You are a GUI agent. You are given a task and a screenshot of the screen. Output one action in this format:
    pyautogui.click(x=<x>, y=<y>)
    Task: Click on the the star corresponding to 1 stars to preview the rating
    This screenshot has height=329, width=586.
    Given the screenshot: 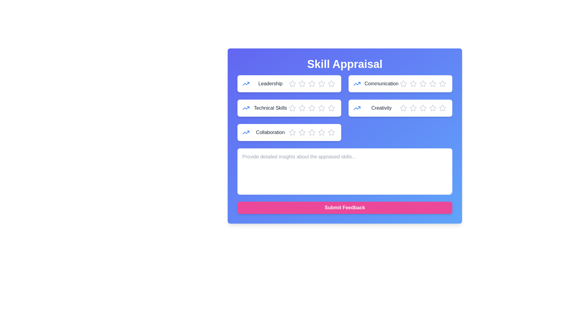 What is the action you would take?
    pyautogui.click(x=292, y=83)
    